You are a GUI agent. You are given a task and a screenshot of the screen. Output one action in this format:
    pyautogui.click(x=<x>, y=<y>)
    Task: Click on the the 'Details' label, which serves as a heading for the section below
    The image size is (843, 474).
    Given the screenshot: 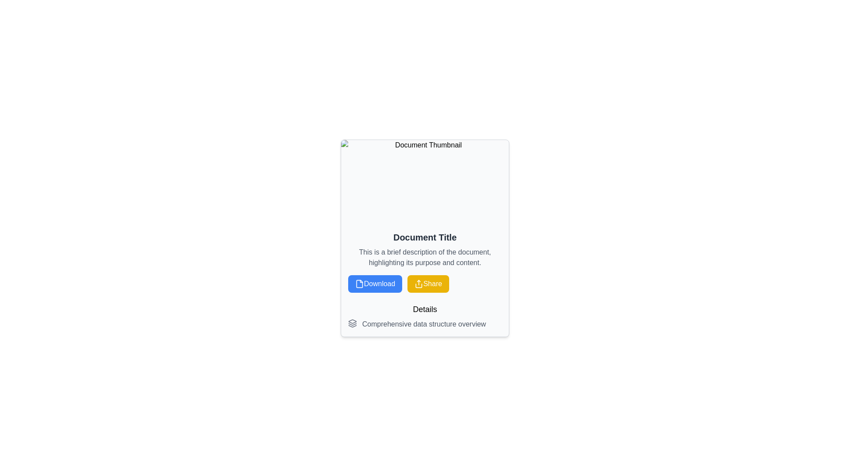 What is the action you would take?
    pyautogui.click(x=425, y=309)
    